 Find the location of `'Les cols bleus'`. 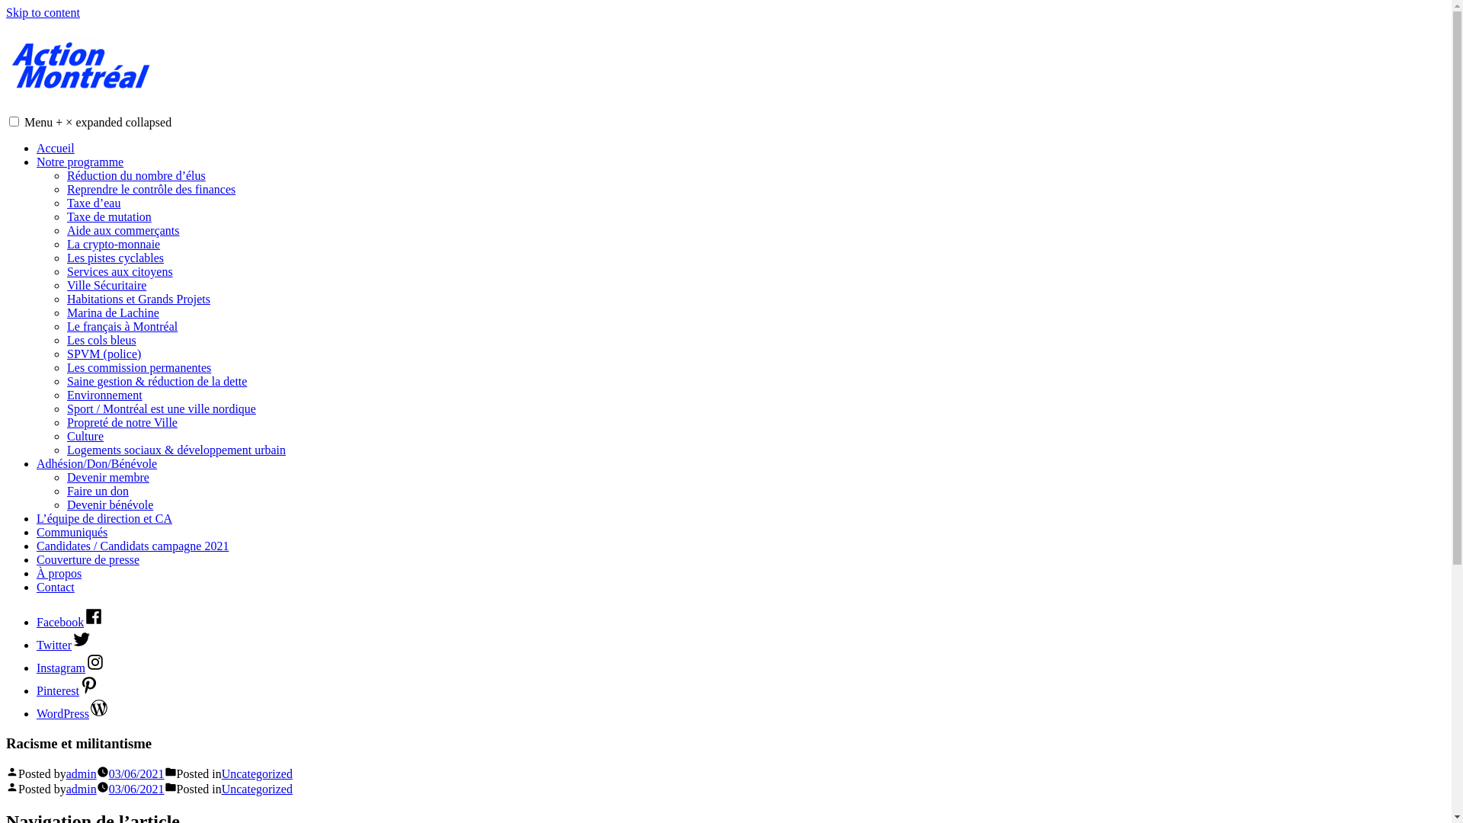

'Les cols bleus' is located at coordinates (101, 339).